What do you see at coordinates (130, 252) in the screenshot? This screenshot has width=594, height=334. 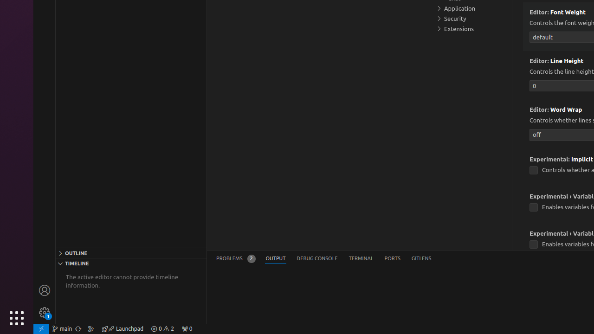 I see `'Outline Section'` at bounding box center [130, 252].